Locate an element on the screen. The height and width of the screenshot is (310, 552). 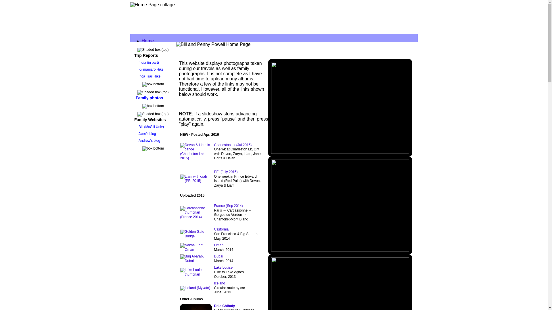
'Kilimanjaro' is located at coordinates (164, 77).